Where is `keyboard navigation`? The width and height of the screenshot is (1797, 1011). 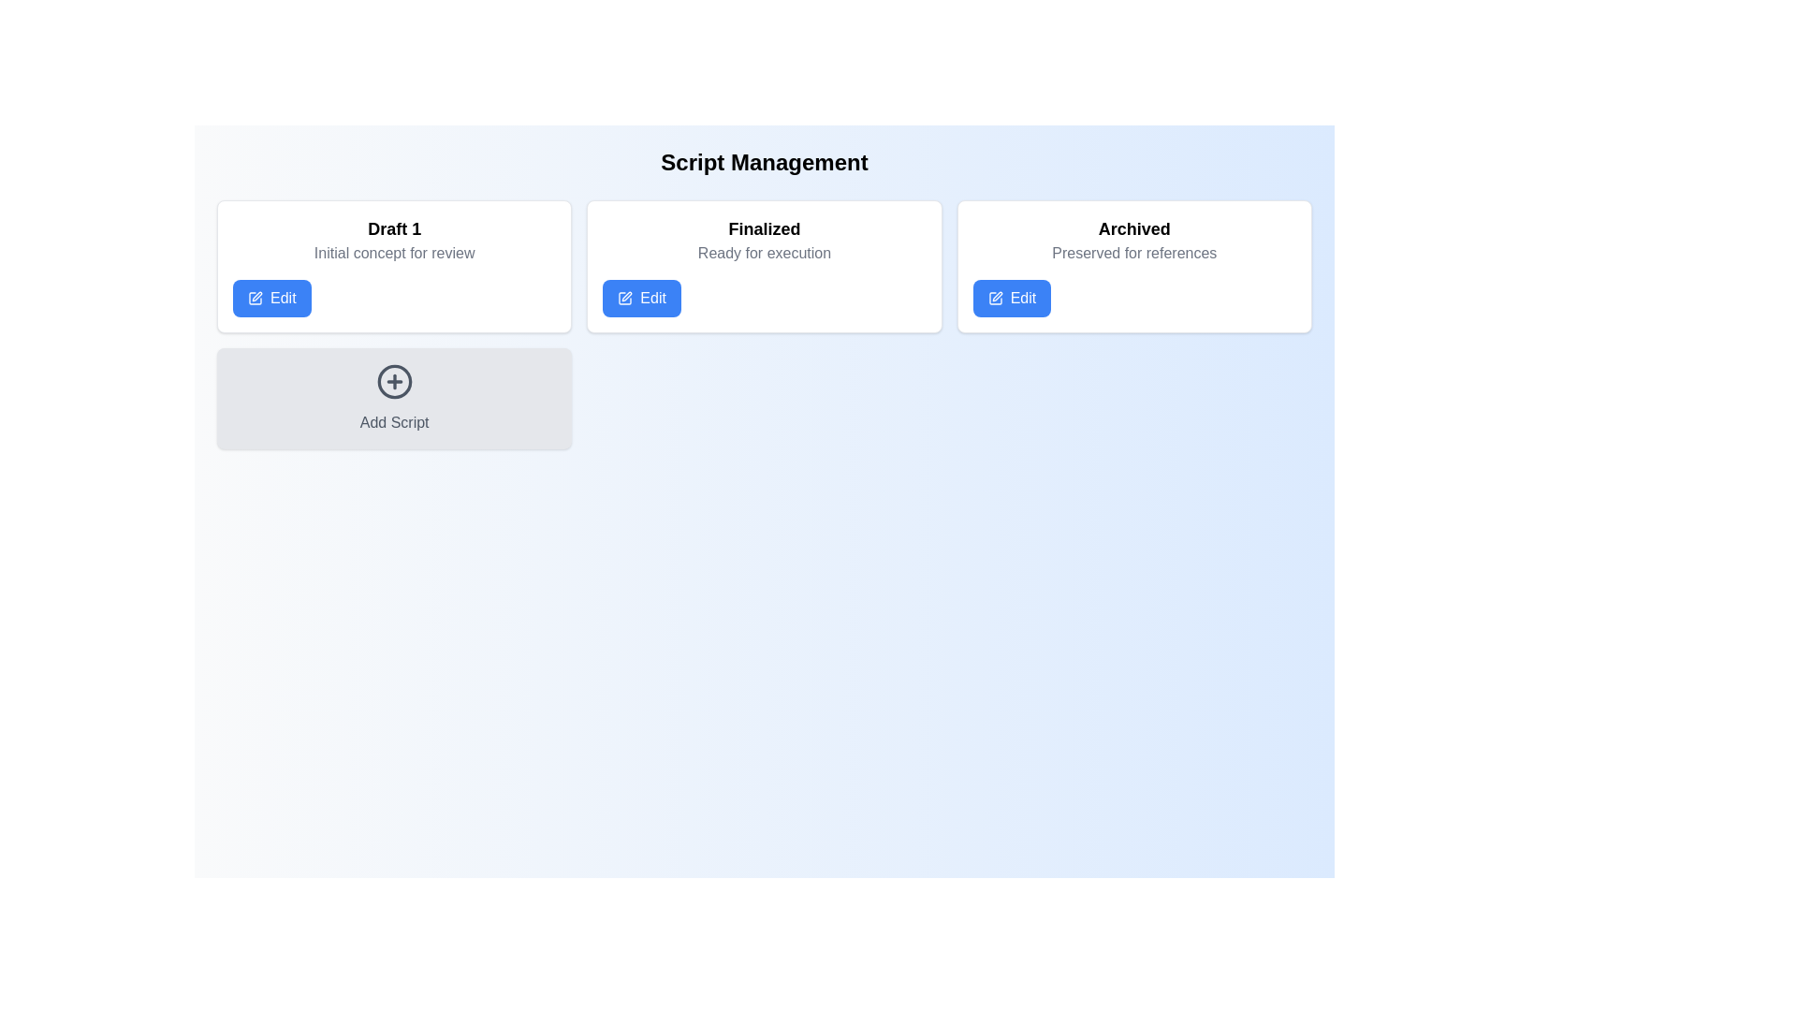 keyboard navigation is located at coordinates (270, 298).